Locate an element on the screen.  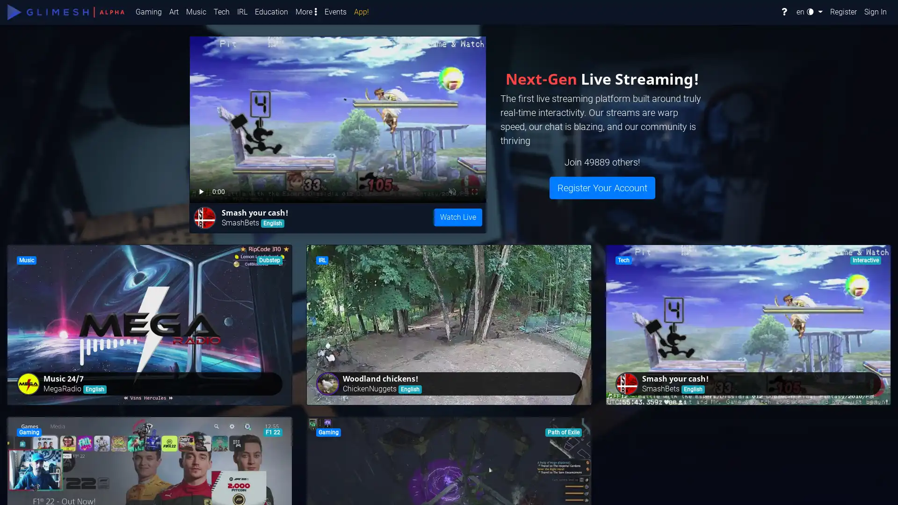
unmute is located at coordinates (232, 190).